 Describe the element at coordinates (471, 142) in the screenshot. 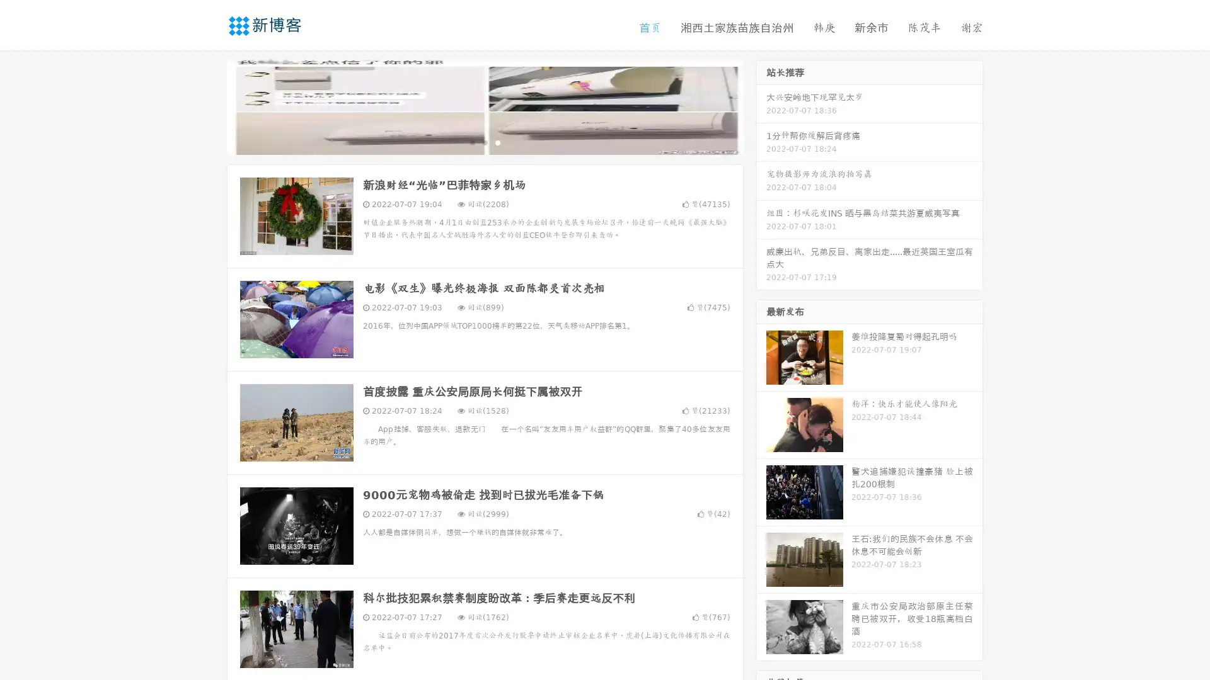

I see `Go to slide 1` at that location.